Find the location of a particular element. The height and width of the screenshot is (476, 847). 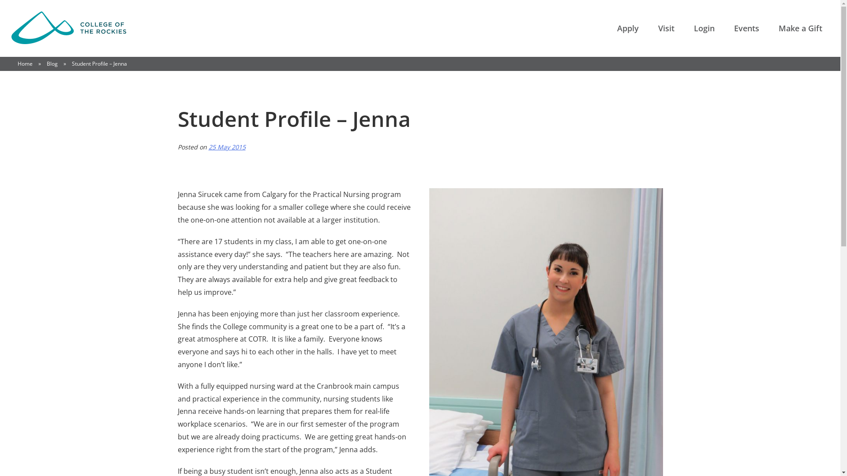

'Login' is located at coordinates (704, 28).